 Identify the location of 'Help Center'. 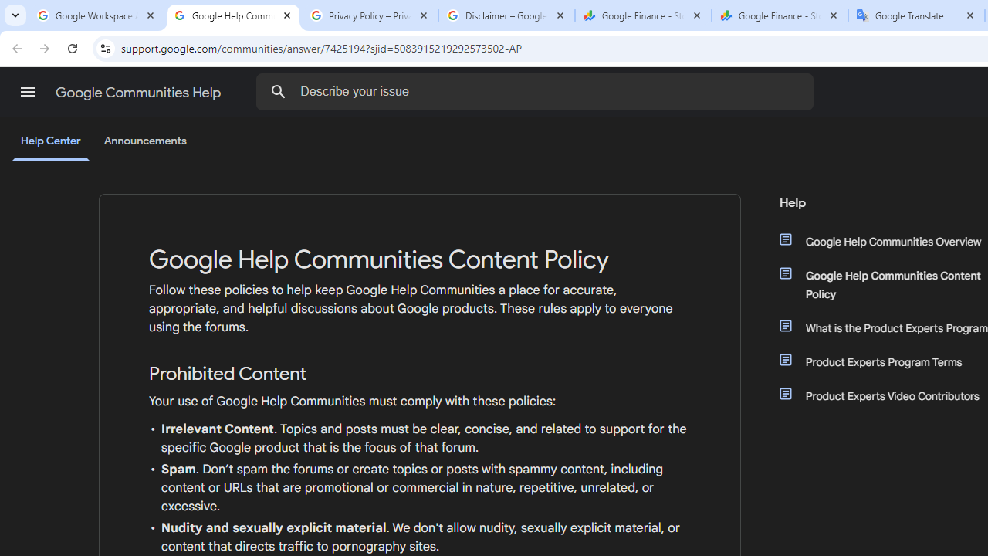
(50, 141).